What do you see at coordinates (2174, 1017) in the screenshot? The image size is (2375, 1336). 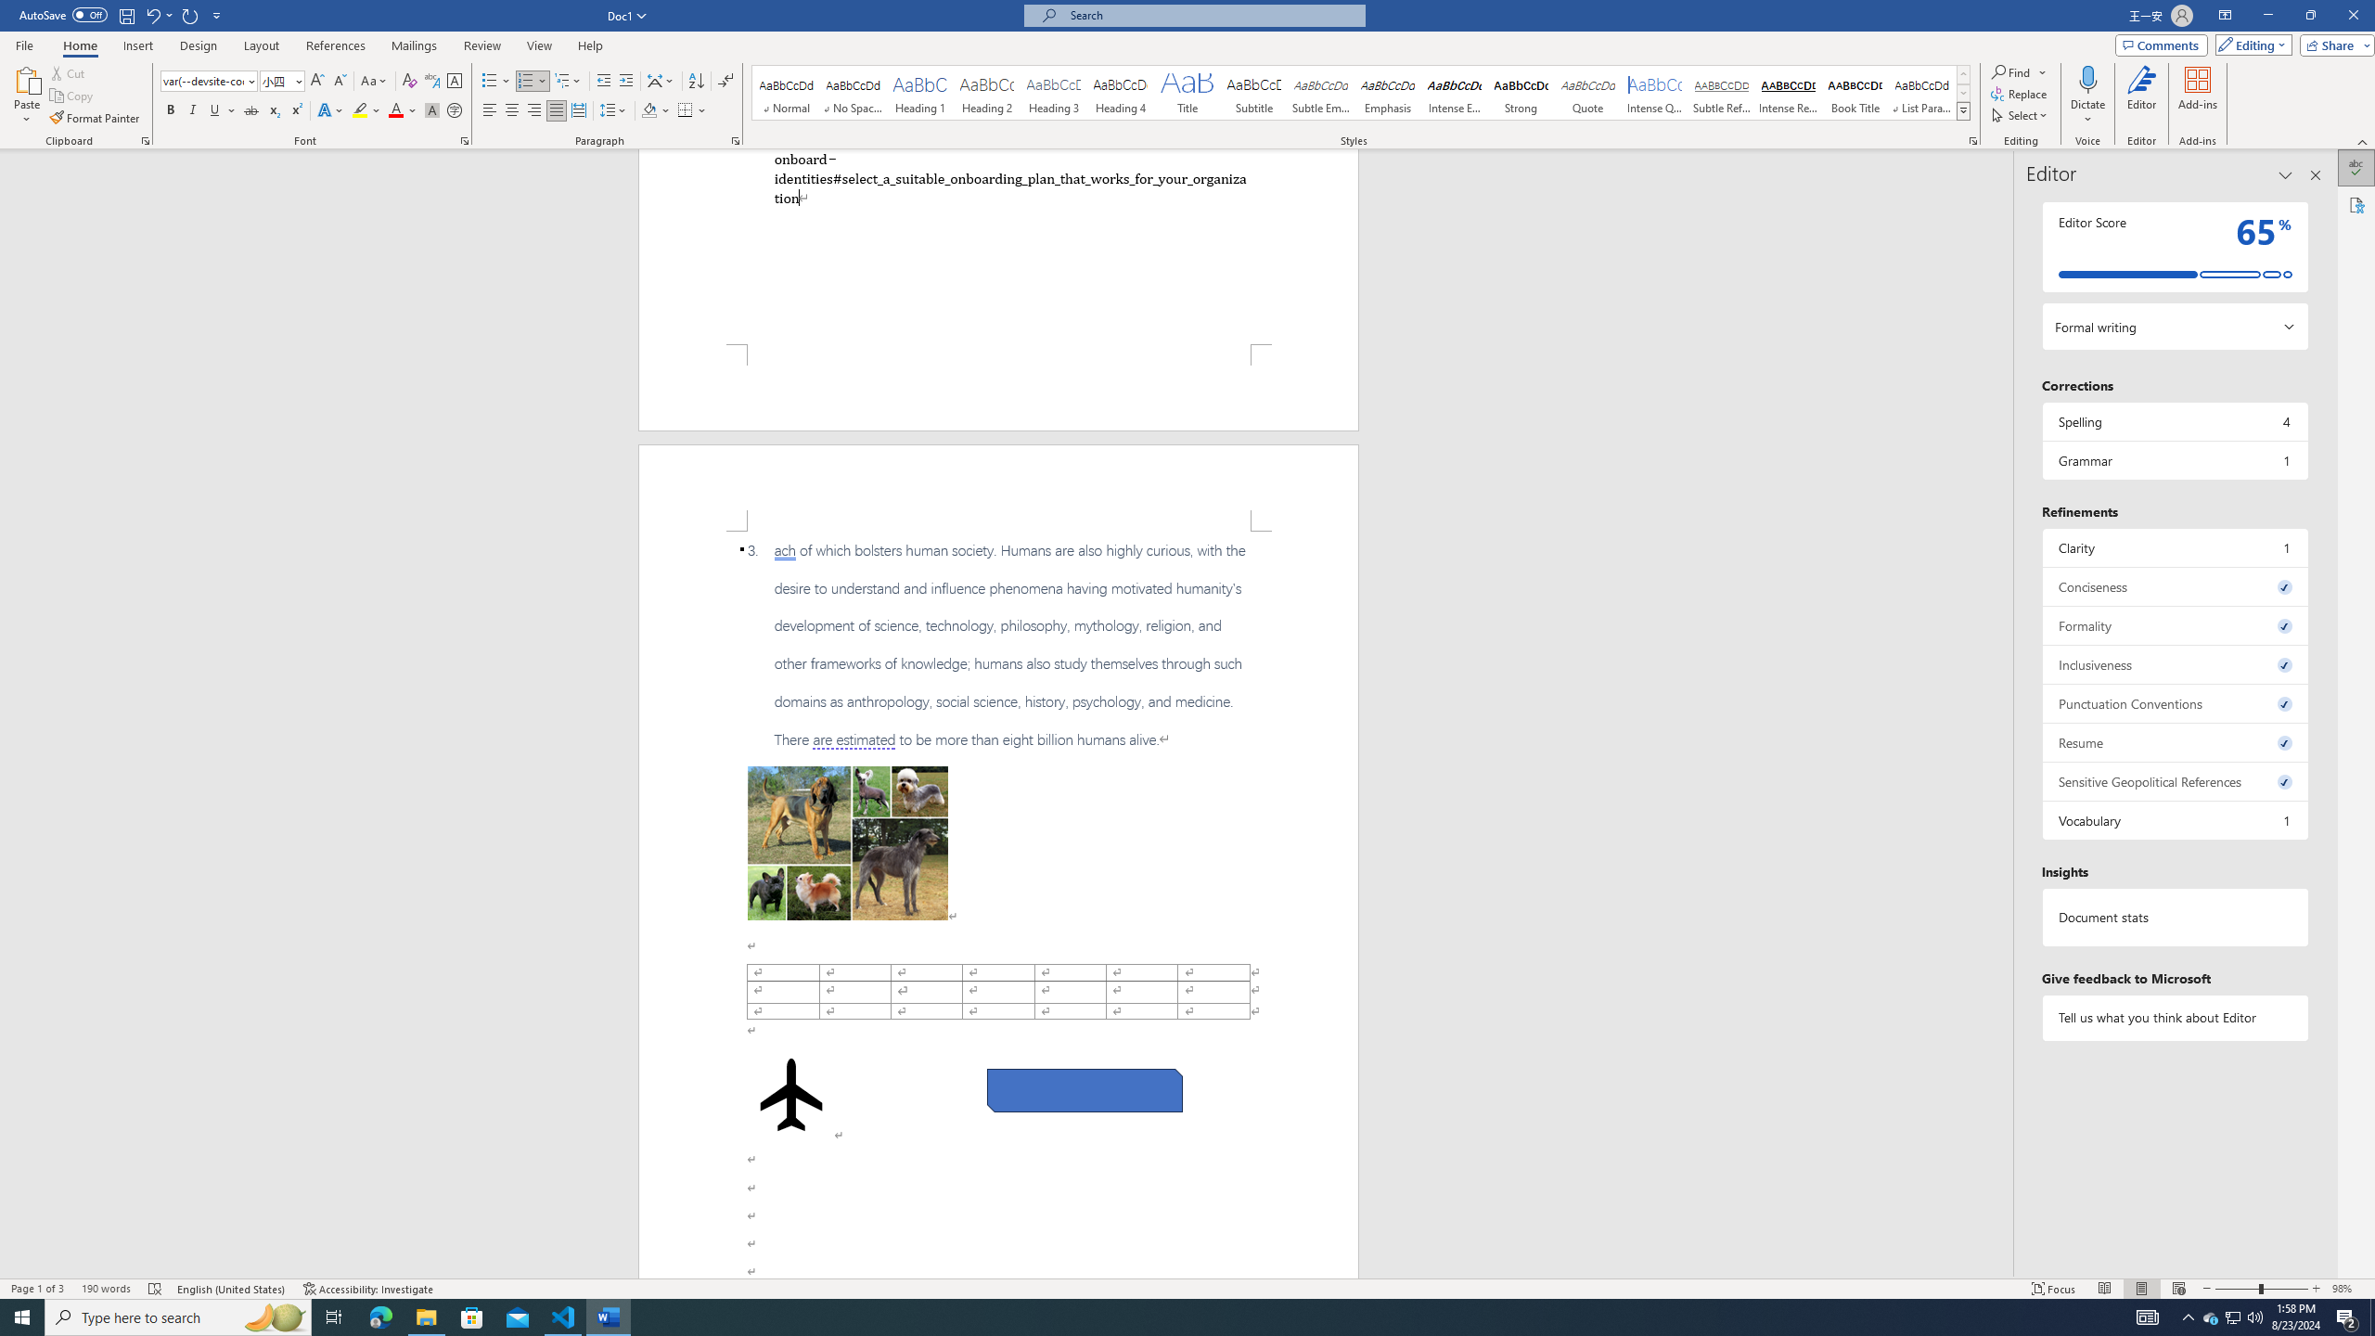 I see `'Tell us what you think about Editor'` at bounding box center [2174, 1017].